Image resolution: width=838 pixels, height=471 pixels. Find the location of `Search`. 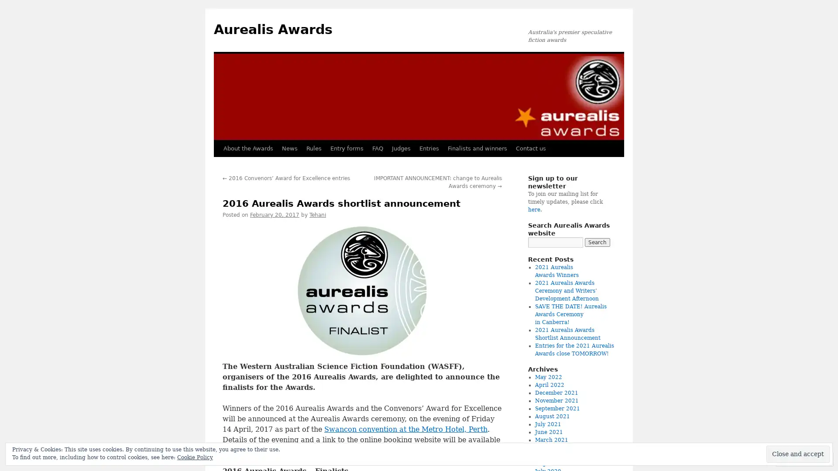

Search is located at coordinates (597, 242).